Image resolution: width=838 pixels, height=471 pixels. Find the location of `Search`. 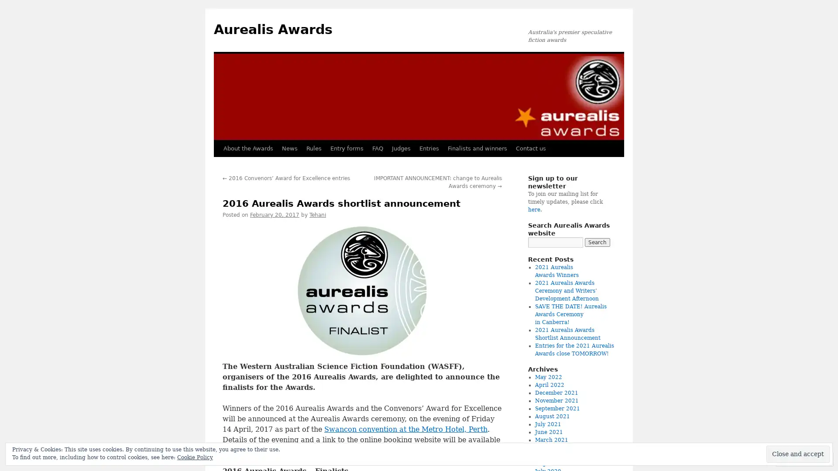

Search is located at coordinates (597, 242).